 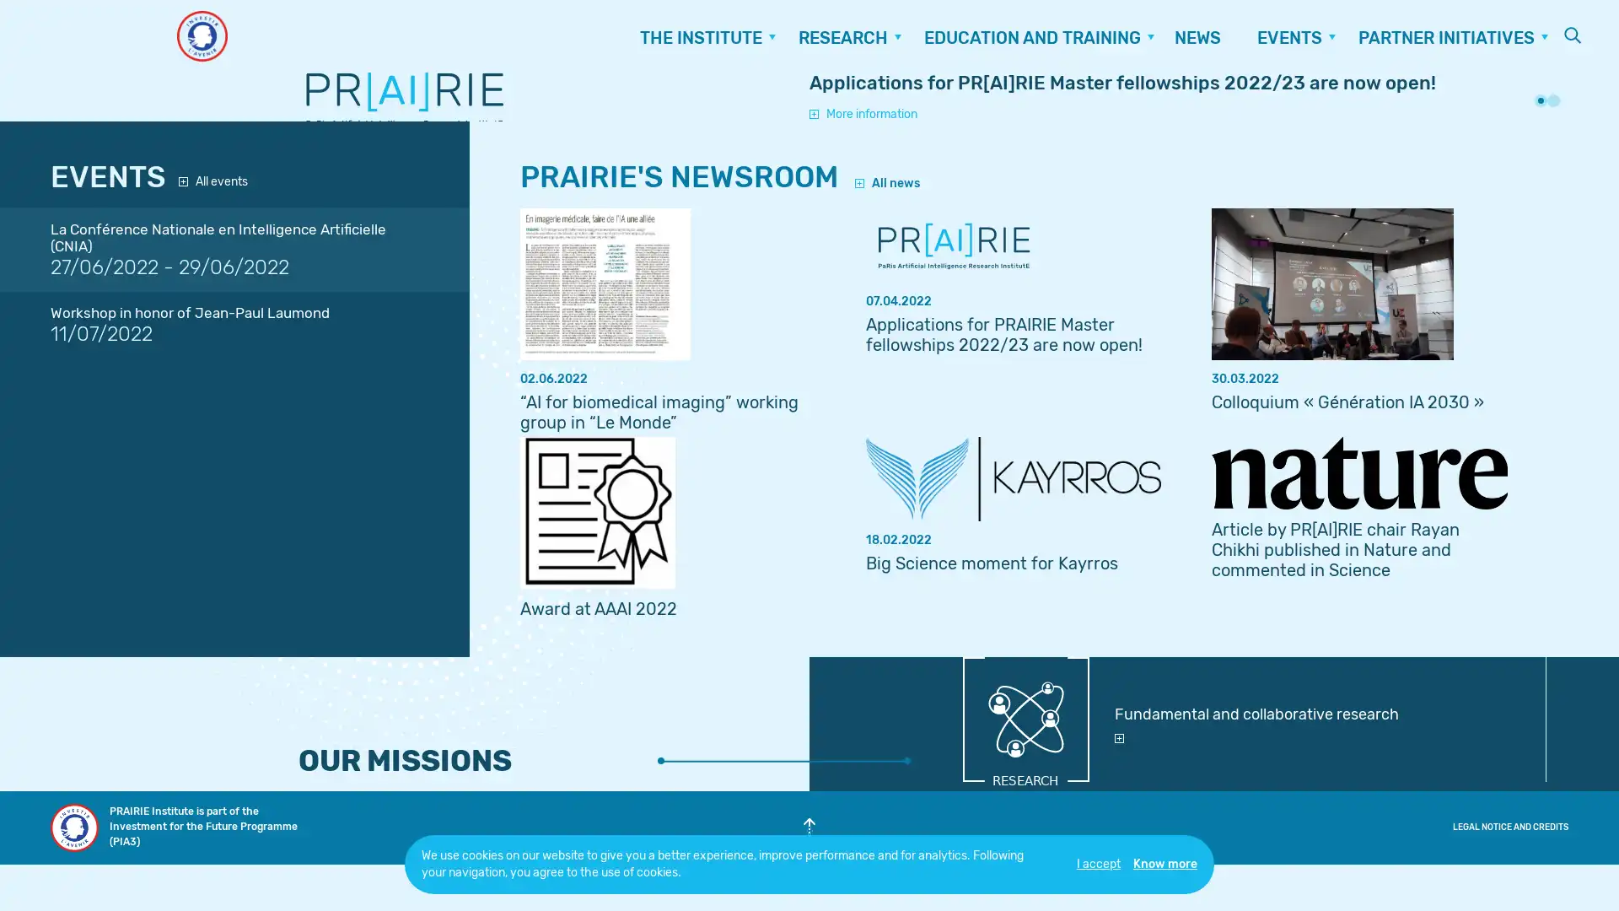 I want to click on Search, so click(x=1573, y=35).